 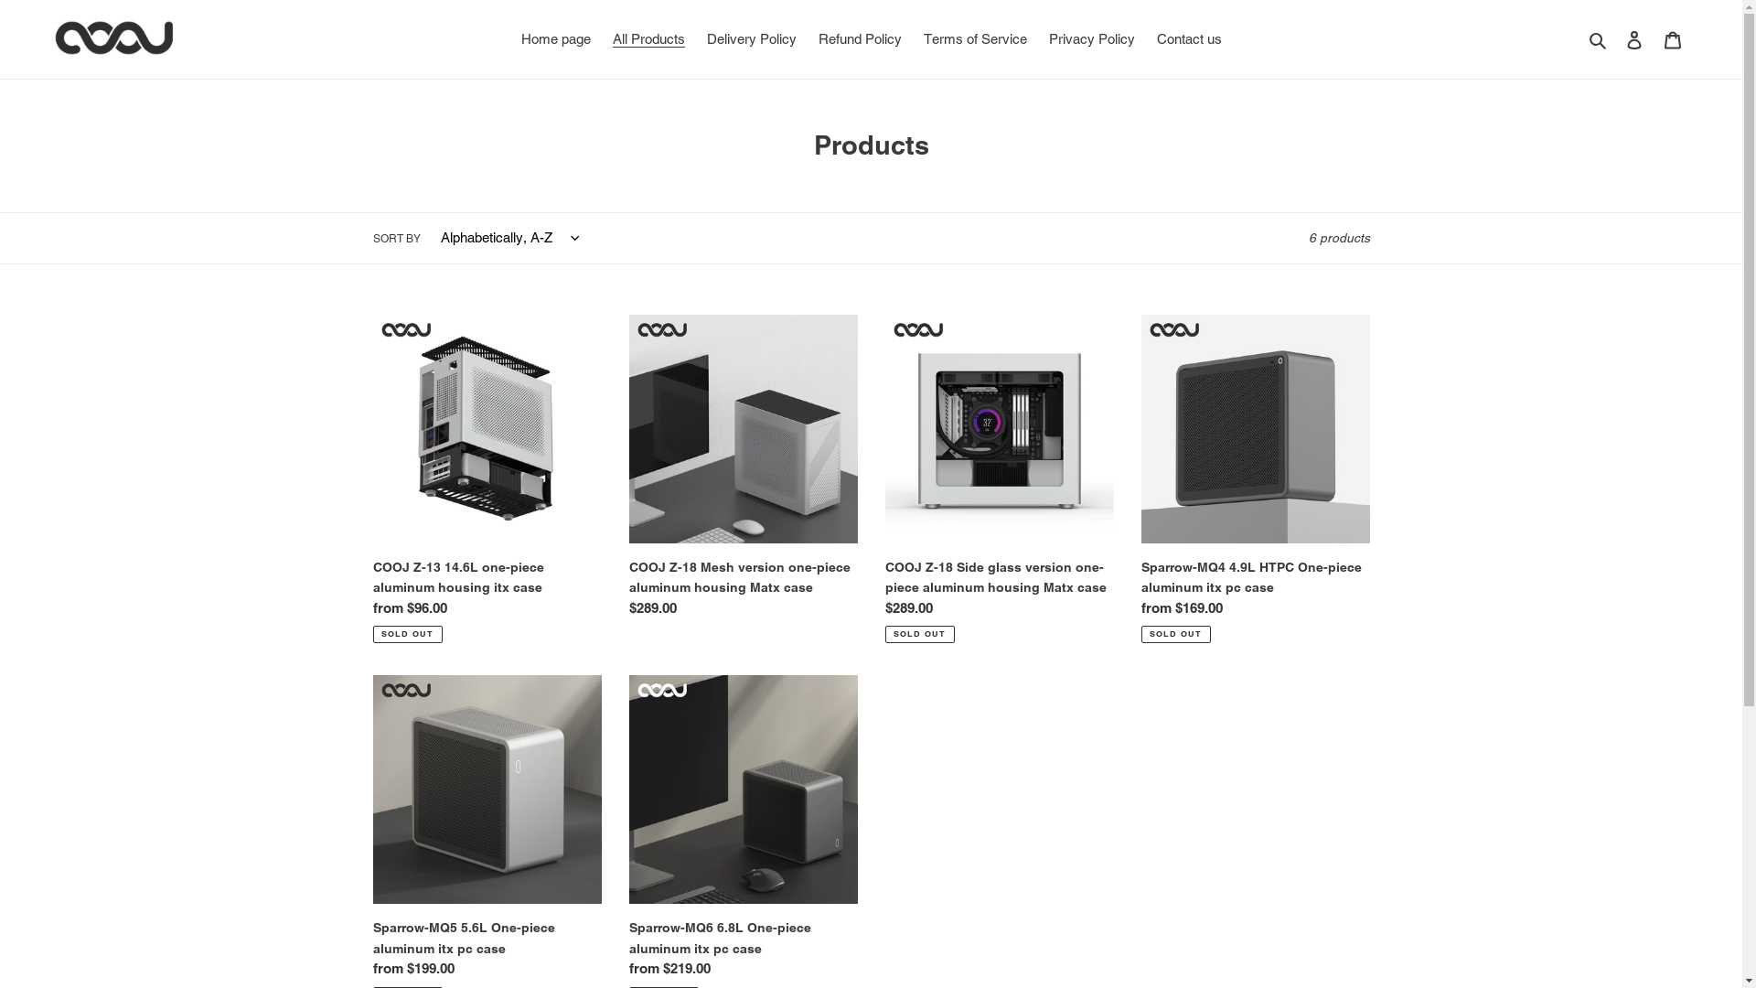 I want to click on 'Cart', so click(x=1672, y=39).